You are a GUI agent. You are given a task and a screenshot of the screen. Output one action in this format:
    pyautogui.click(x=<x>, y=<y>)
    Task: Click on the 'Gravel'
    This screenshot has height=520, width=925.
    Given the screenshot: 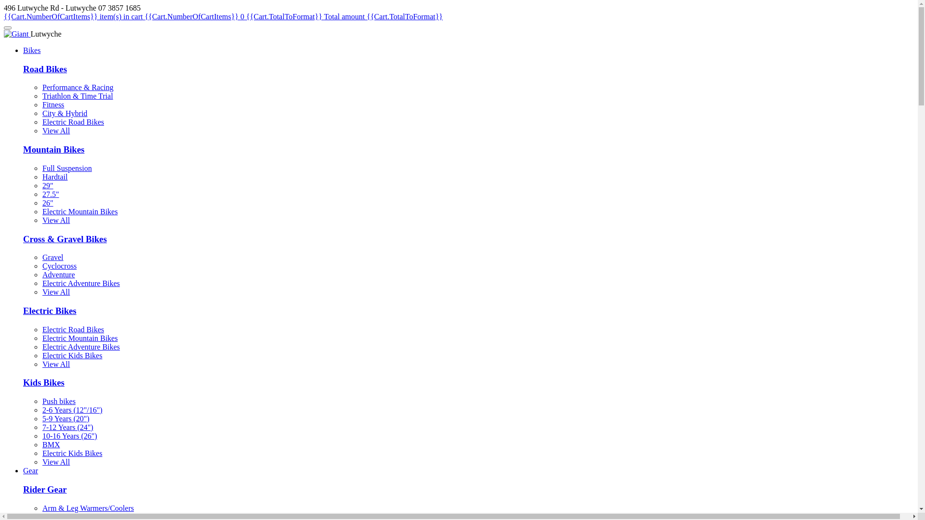 What is the action you would take?
    pyautogui.click(x=53, y=257)
    